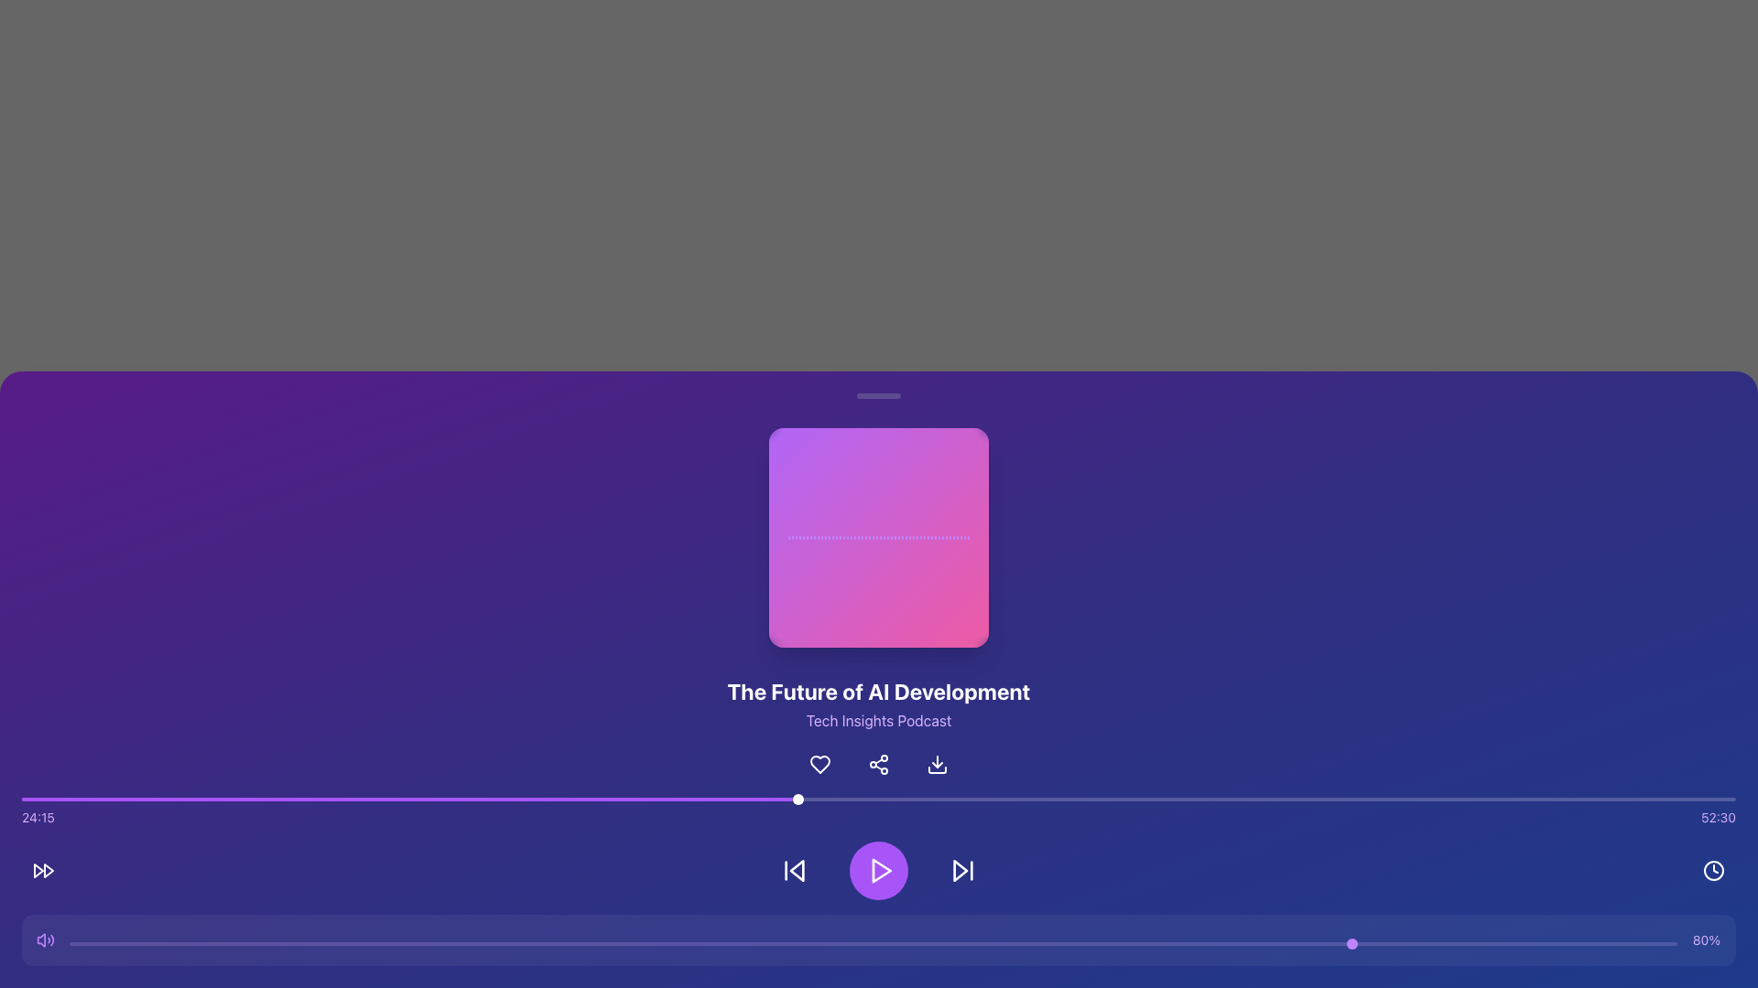 The height and width of the screenshot is (988, 1758). I want to click on text content of the title label displaying 'The Future of AI Development', which is centrally located on a dark purple gradient background, so click(879, 692).